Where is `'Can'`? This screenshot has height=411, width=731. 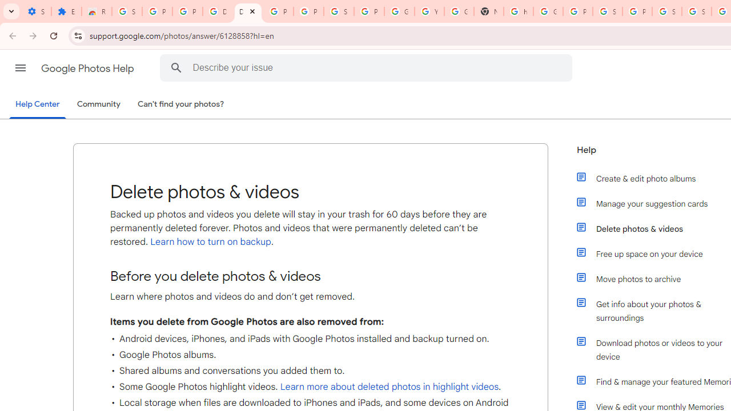 'Can' is located at coordinates (180, 104).